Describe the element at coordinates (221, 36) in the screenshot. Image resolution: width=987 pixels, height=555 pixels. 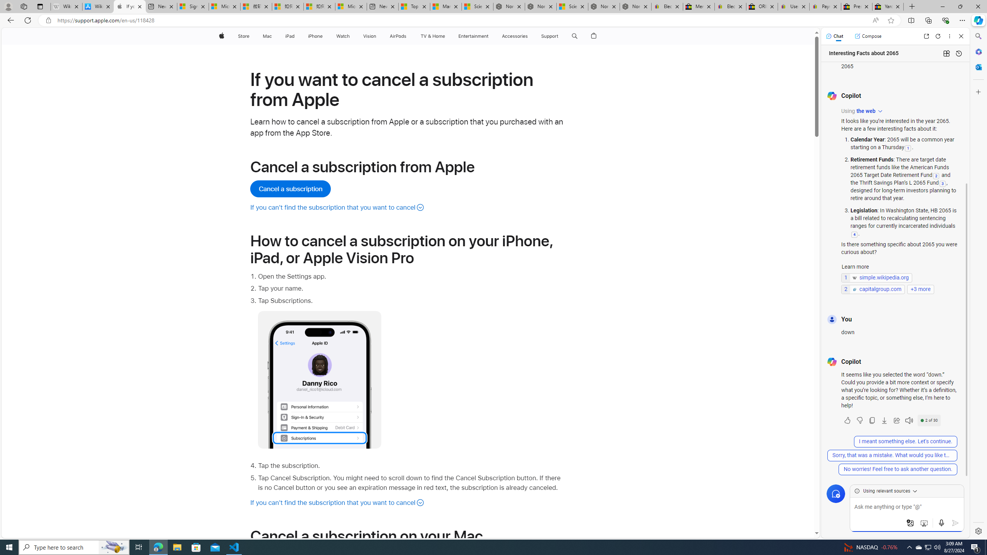
I see `'Apple'` at that location.